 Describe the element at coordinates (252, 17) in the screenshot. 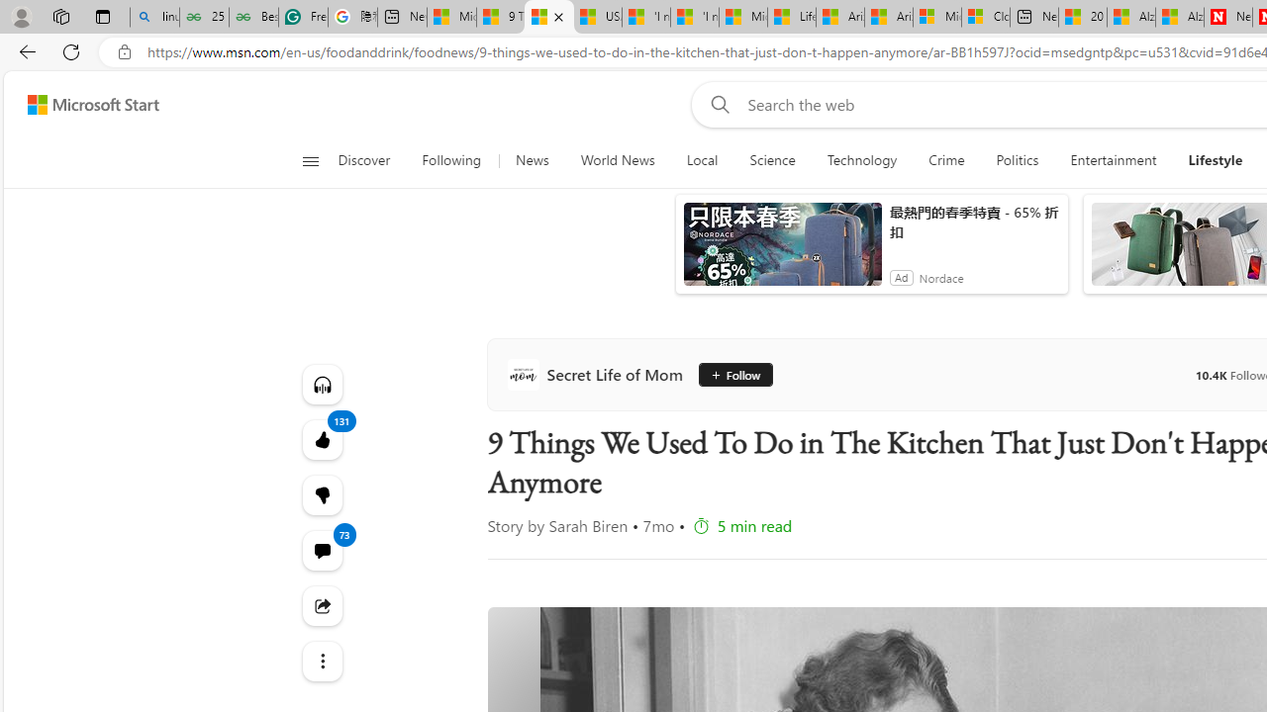

I see `'Best SSL Certificates Provider in India - GeeksforGeeks'` at that location.